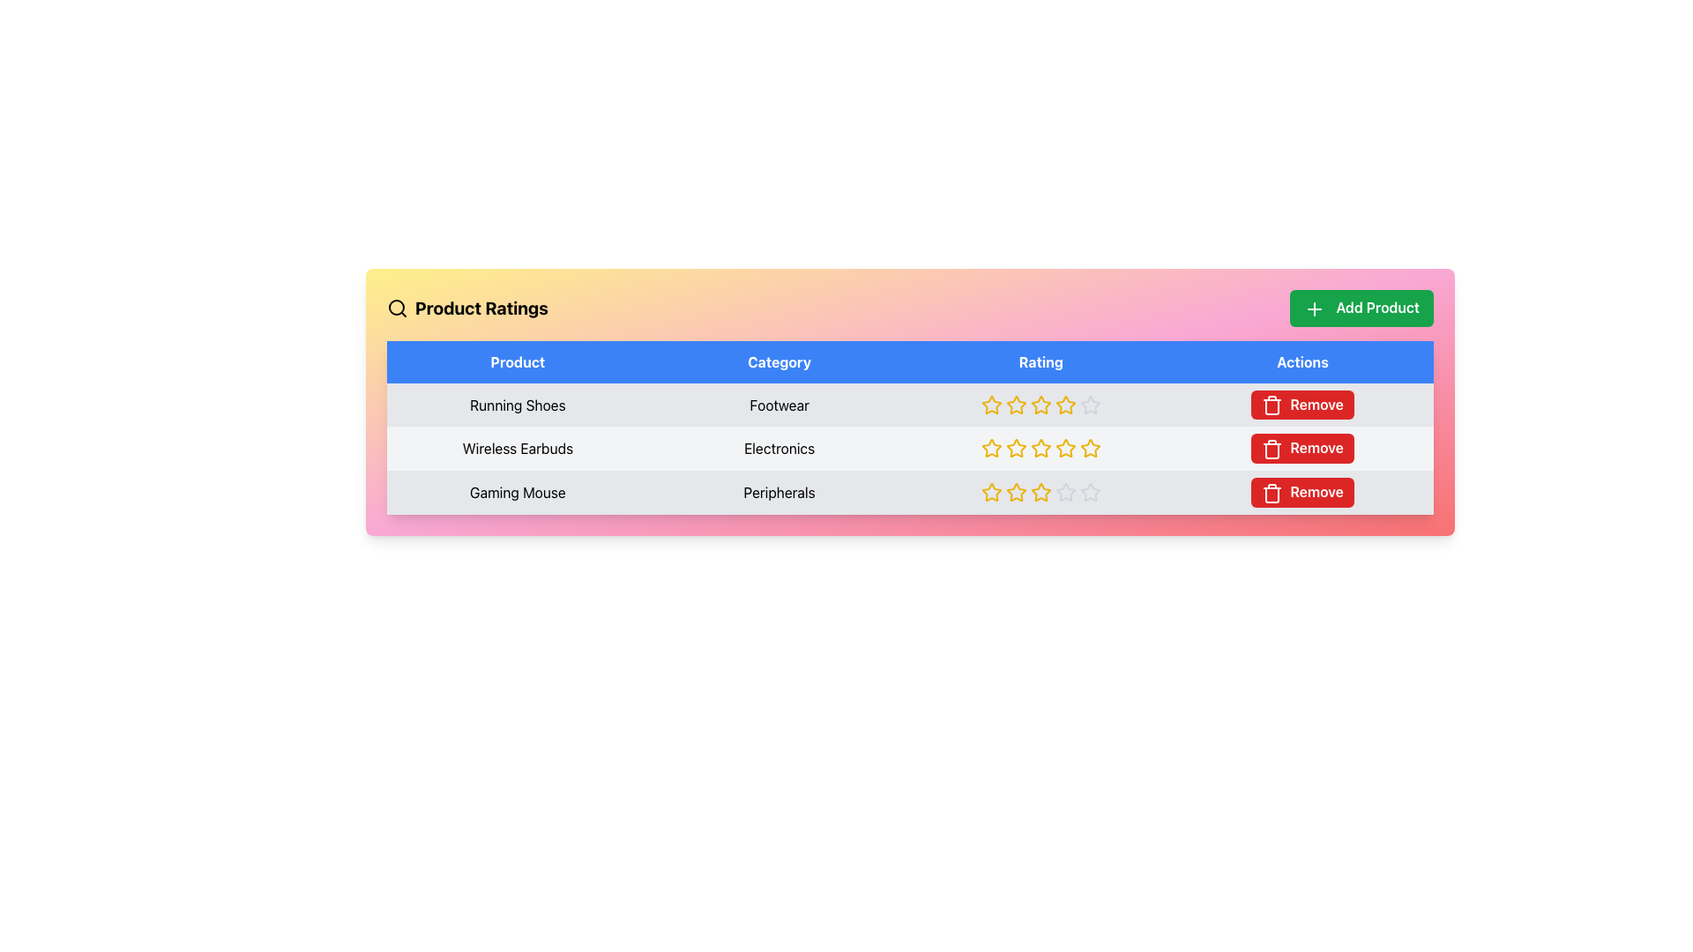 Image resolution: width=1693 pixels, height=952 pixels. Describe the element at coordinates (1089, 492) in the screenshot. I see `the star-shaped SVG element in the third row, fourth column of the table to rate it` at that location.